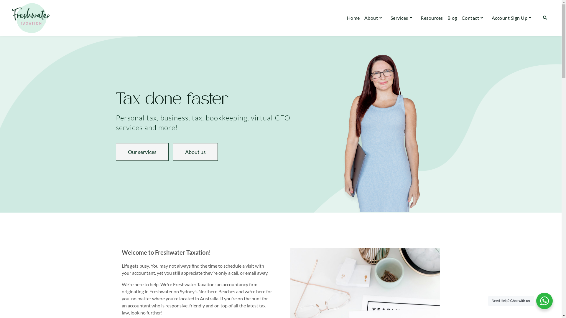  What do you see at coordinates (195, 152) in the screenshot?
I see `'About us'` at bounding box center [195, 152].